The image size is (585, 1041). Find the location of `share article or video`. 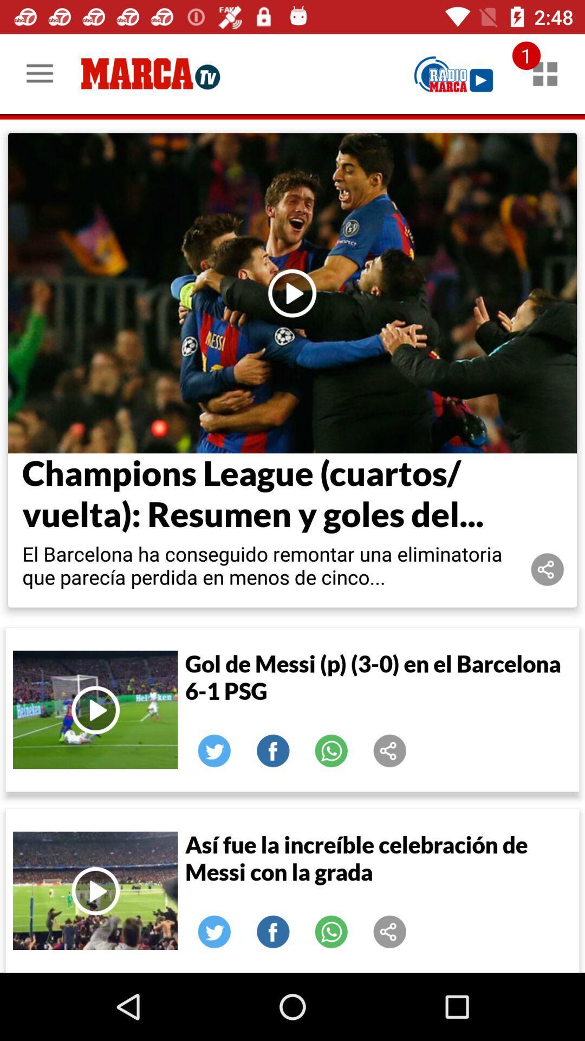

share article or video is located at coordinates (547, 569).